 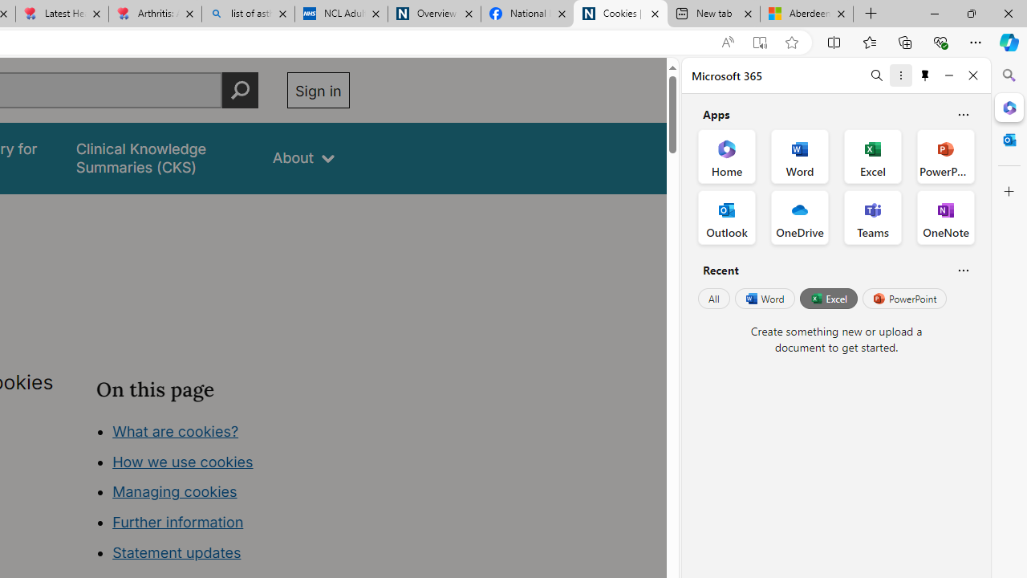 What do you see at coordinates (828, 299) in the screenshot?
I see `'Excel'` at bounding box center [828, 299].